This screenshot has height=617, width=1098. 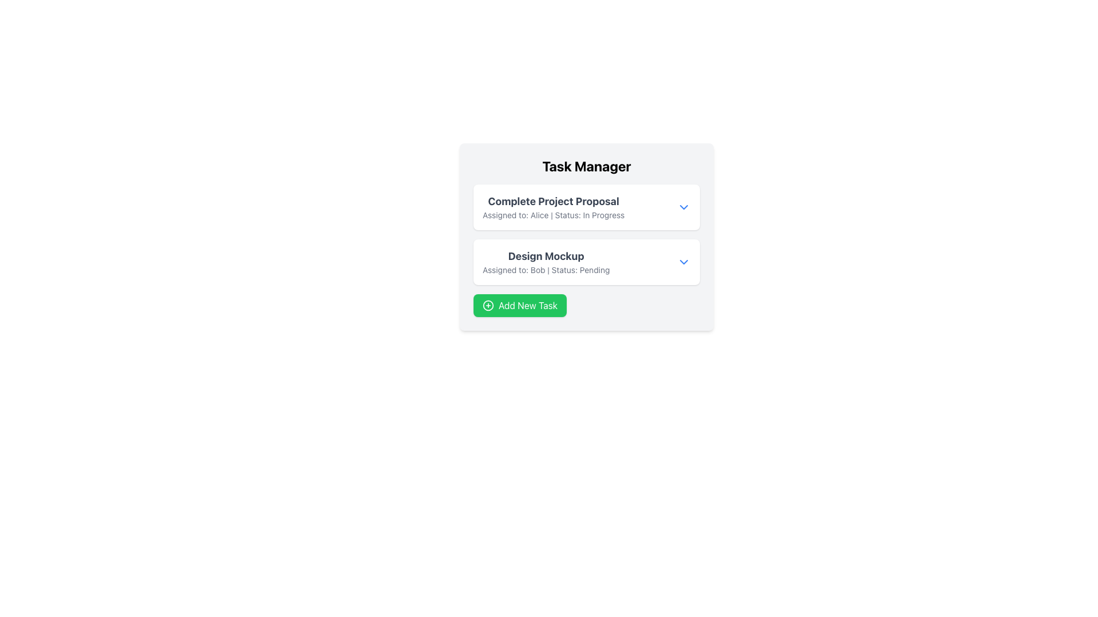 What do you see at coordinates (488, 305) in the screenshot?
I see `the circle element with a thin border and no fill color, located at the center of the circular icon within the green 'Add New Task' button` at bounding box center [488, 305].